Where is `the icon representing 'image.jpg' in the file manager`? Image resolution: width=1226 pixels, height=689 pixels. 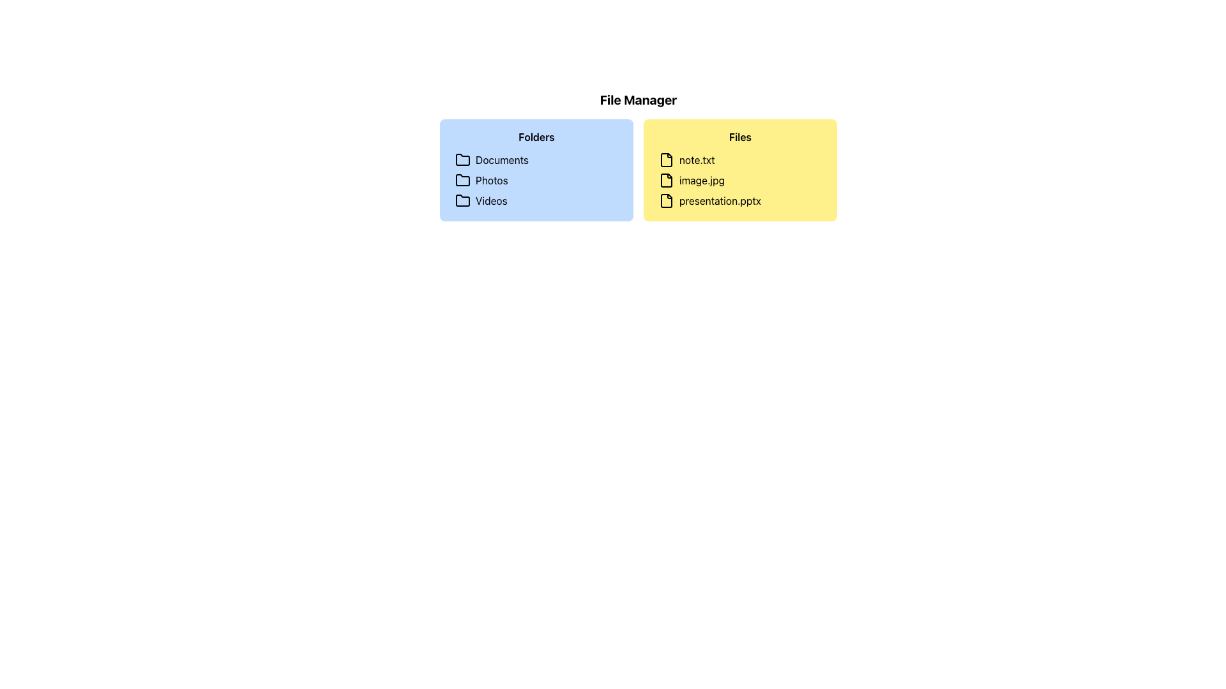
the icon representing 'image.jpg' in the file manager is located at coordinates (665, 180).